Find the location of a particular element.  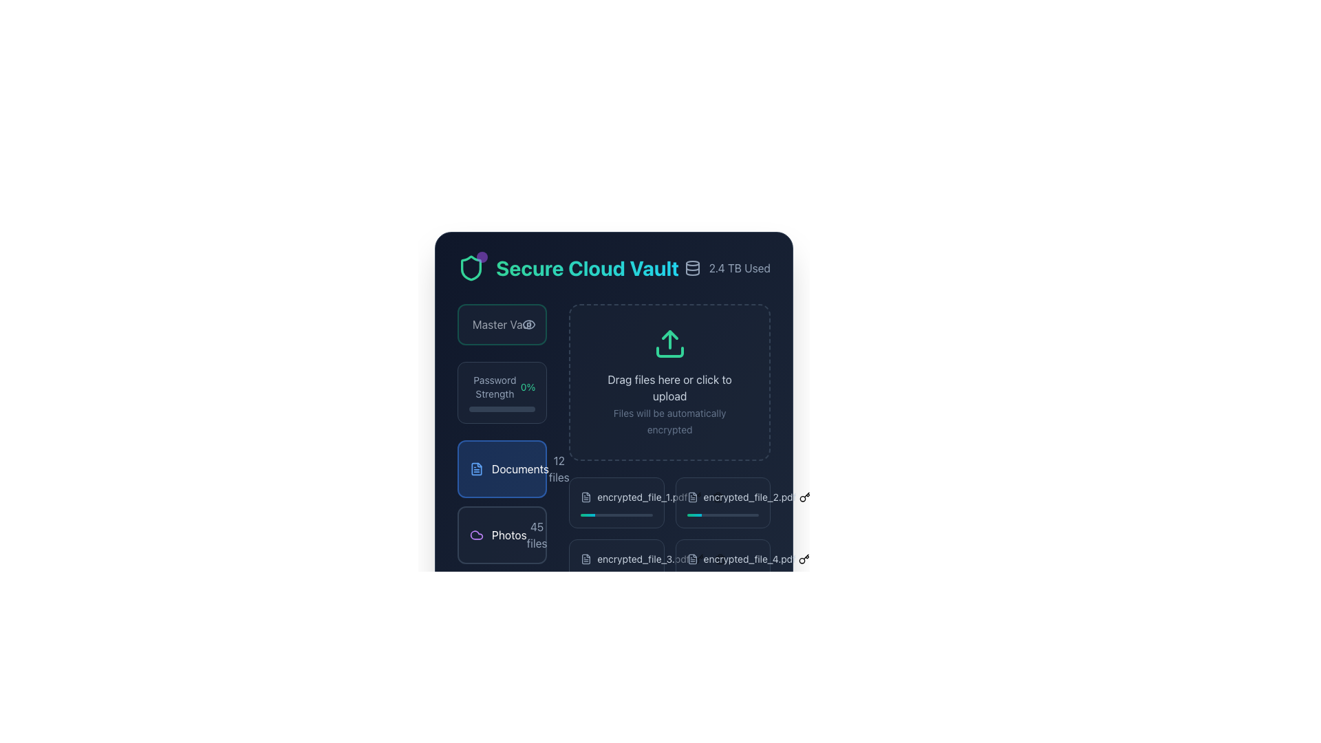

the SVG graphic icon located to the left of the filename 'encrypted_file_4.pdf' in the second row of the documents section is located at coordinates (692, 559).